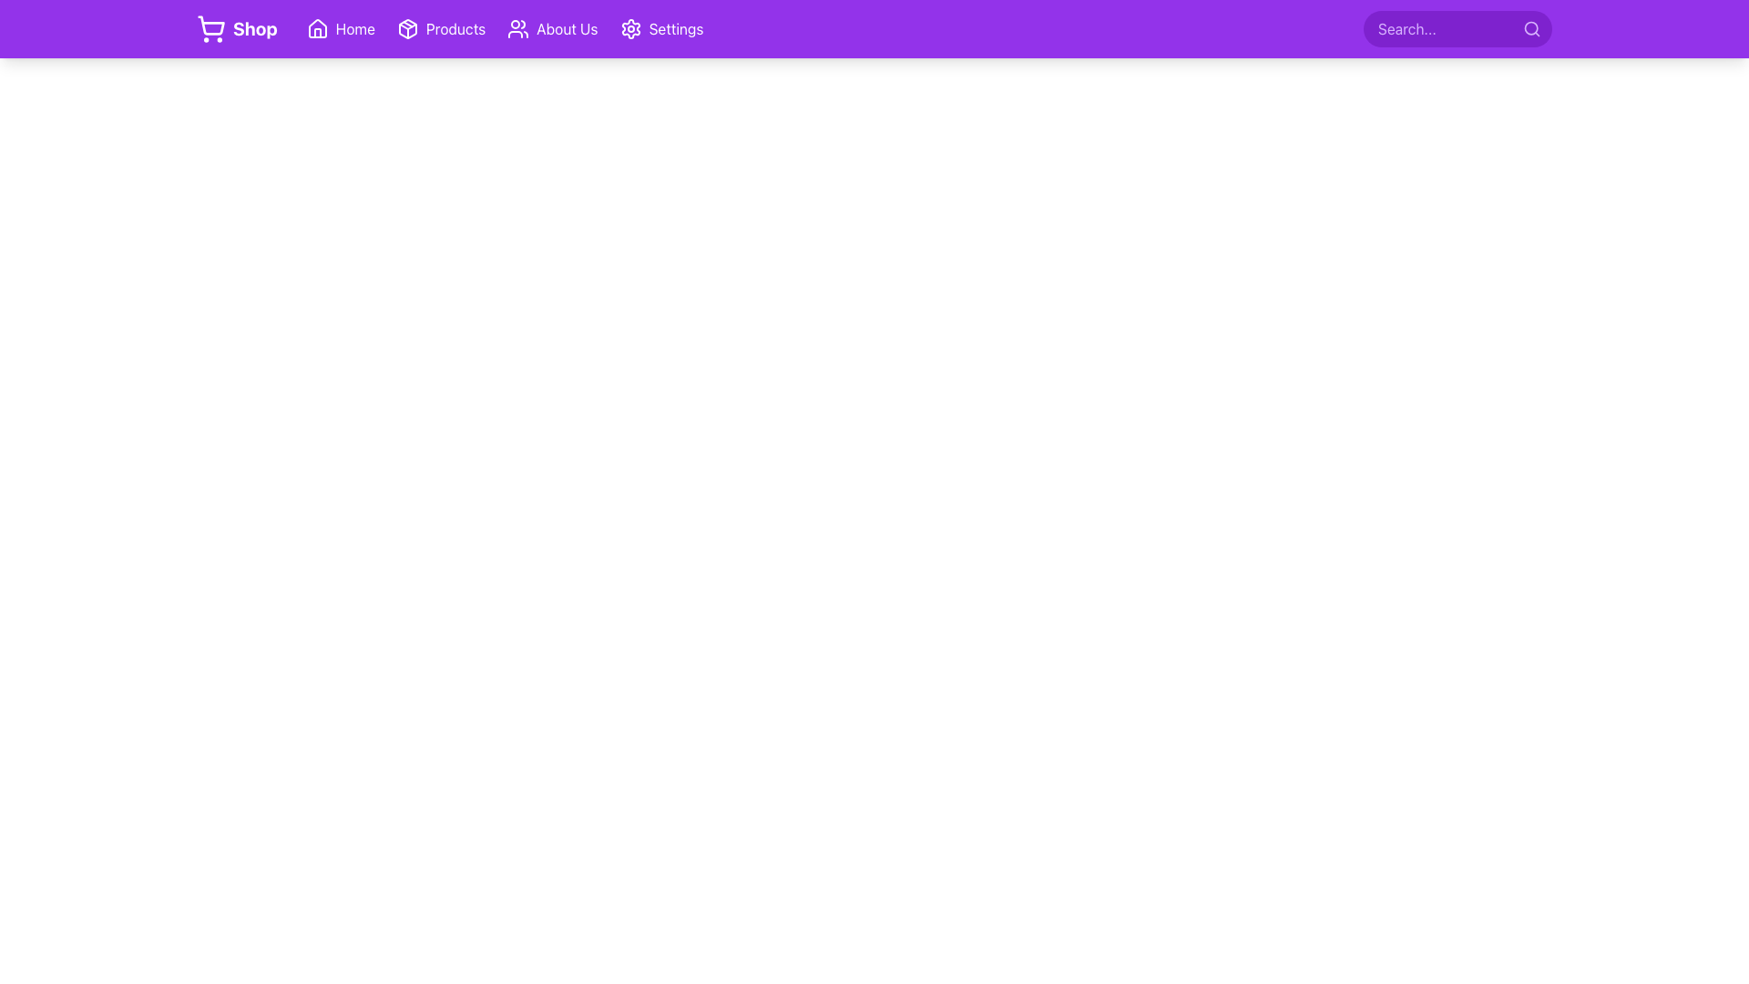 The width and height of the screenshot is (1749, 984). I want to click on the 'Home' navigation link, which features a house icon and white text on a purple background, so click(341, 28).